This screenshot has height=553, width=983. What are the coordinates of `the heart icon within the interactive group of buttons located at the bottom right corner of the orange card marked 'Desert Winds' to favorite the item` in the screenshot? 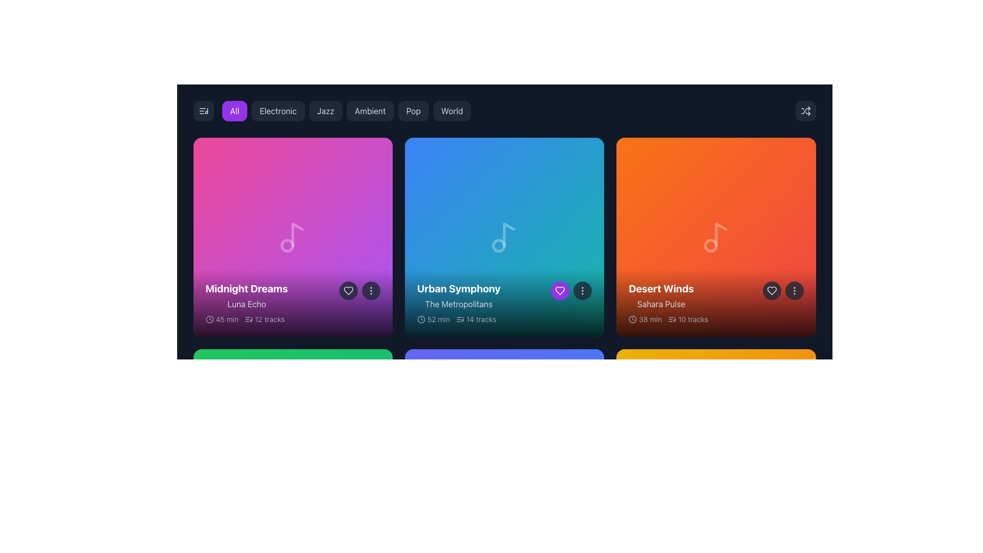 It's located at (782, 291).